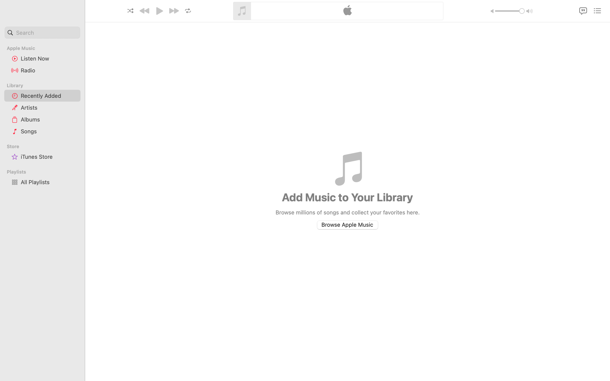 The width and height of the screenshot is (610, 381). I want to click on 'Radio', so click(48, 70).